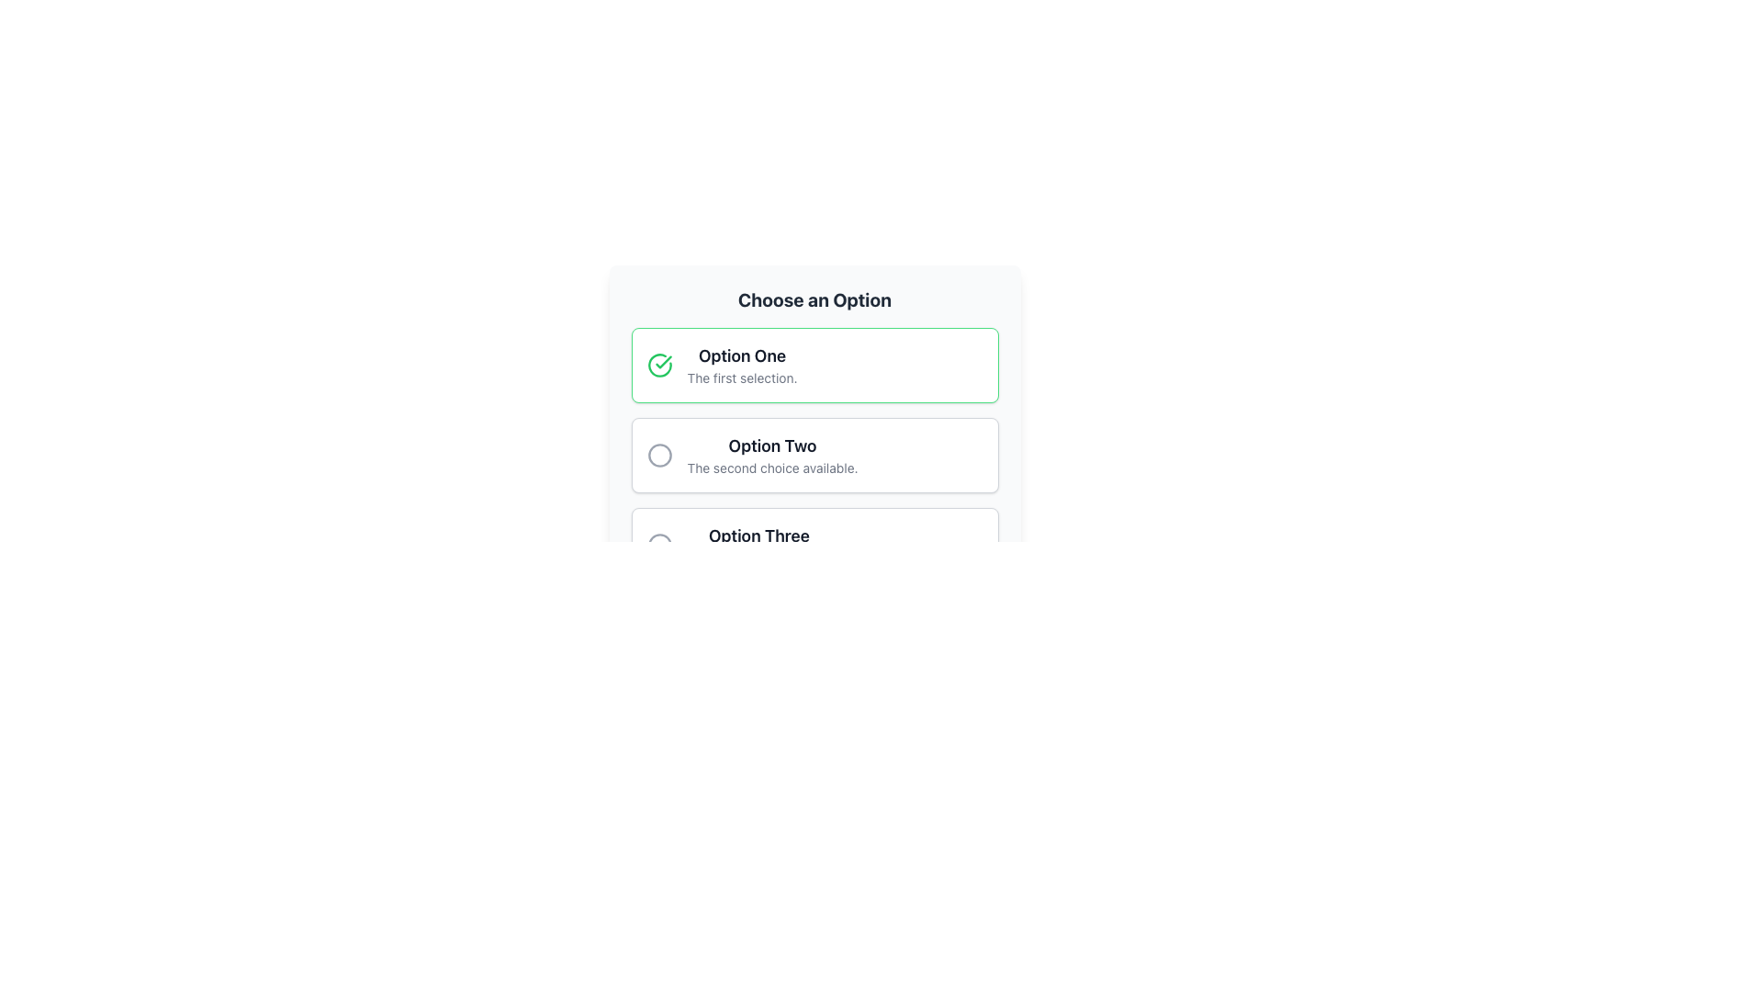 Image resolution: width=1763 pixels, height=992 pixels. What do you see at coordinates (772, 467) in the screenshot?
I see `detailed description text element positioned directly underneath the 'Option Two' title in the card-like structure` at bounding box center [772, 467].